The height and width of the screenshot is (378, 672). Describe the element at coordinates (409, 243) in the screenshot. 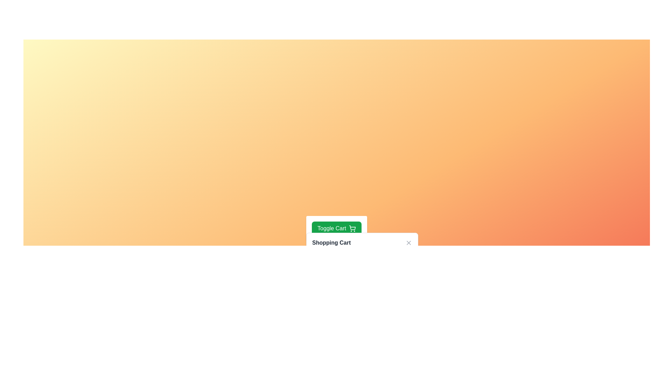

I see `the button located to the right of the 'Shopping Cart' text to change its visual state` at that location.